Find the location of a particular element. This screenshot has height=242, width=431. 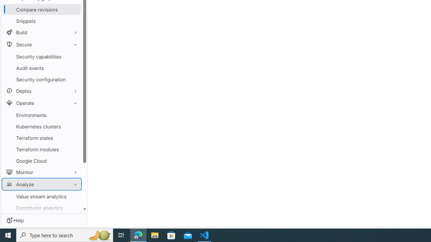

'Value stream analytics' is located at coordinates (41, 196).